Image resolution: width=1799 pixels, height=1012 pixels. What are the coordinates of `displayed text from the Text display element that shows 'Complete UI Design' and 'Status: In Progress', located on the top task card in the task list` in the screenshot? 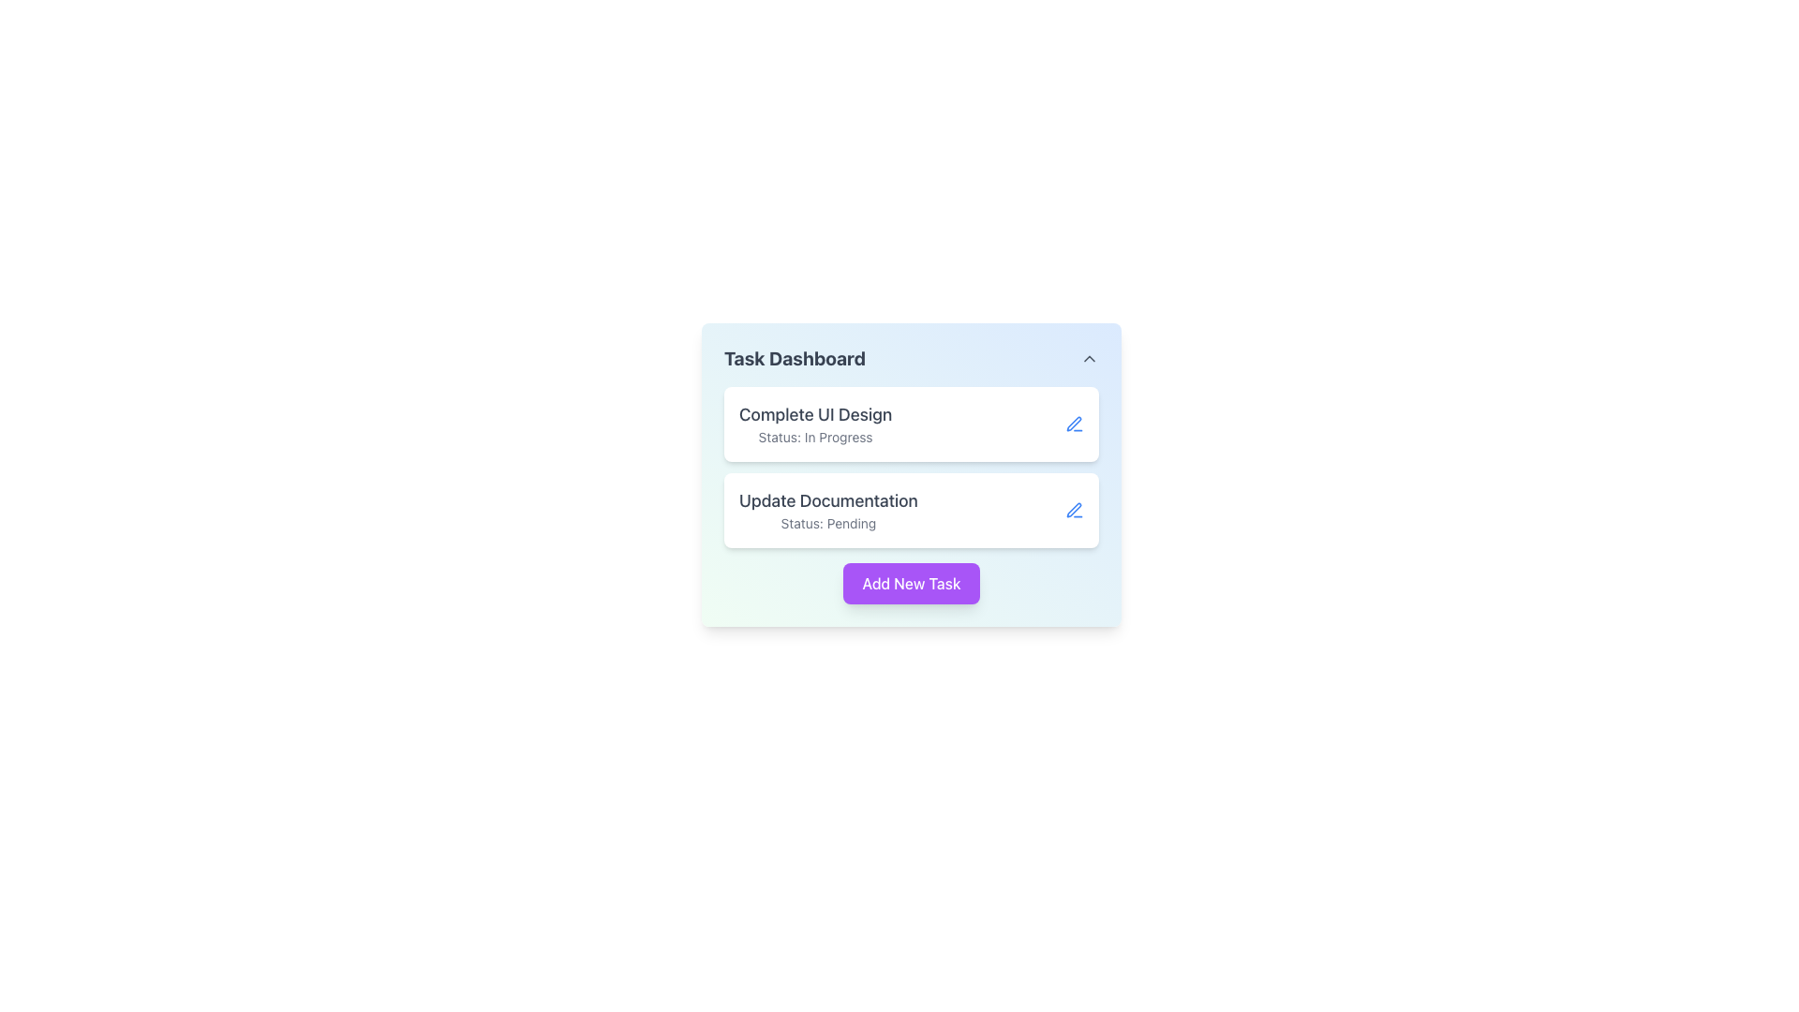 It's located at (815, 424).